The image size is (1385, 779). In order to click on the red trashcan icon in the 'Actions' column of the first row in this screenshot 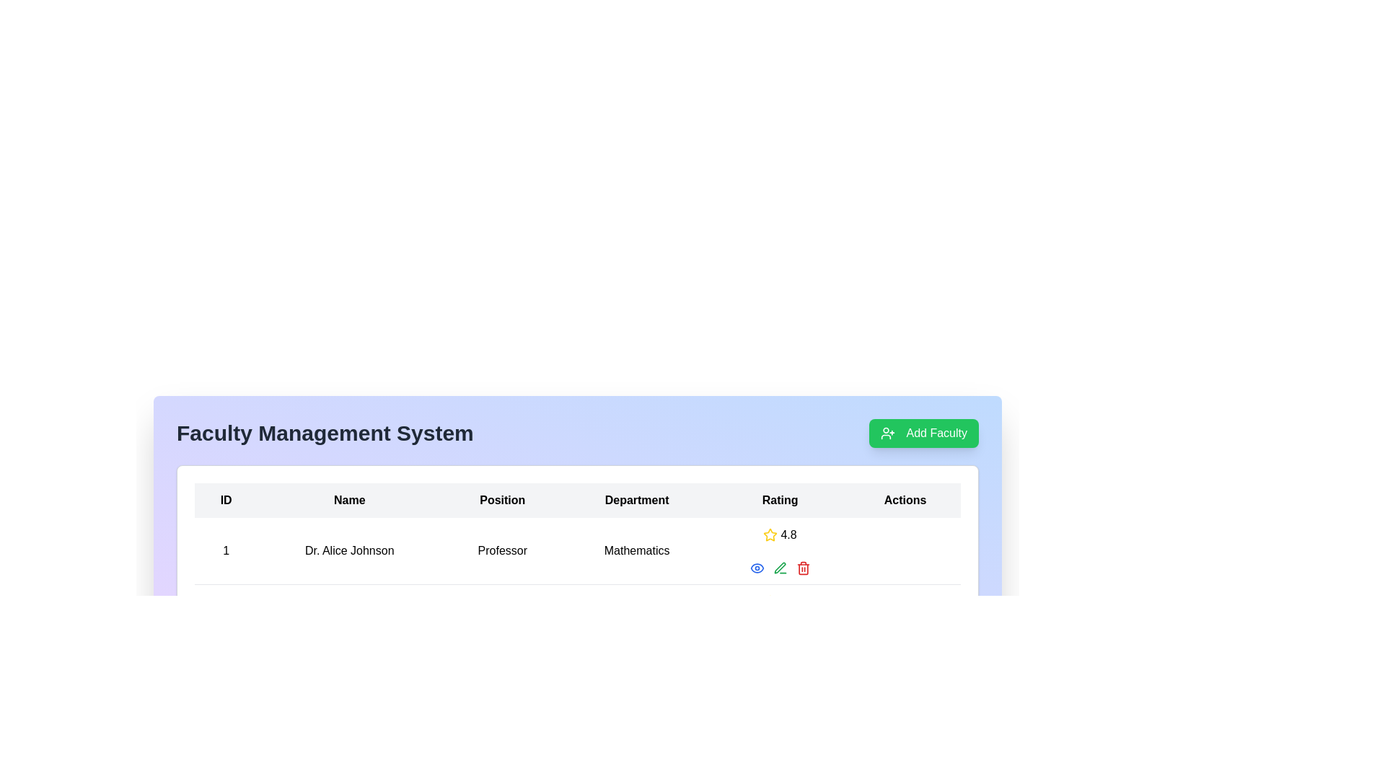, I will do `click(802, 567)`.